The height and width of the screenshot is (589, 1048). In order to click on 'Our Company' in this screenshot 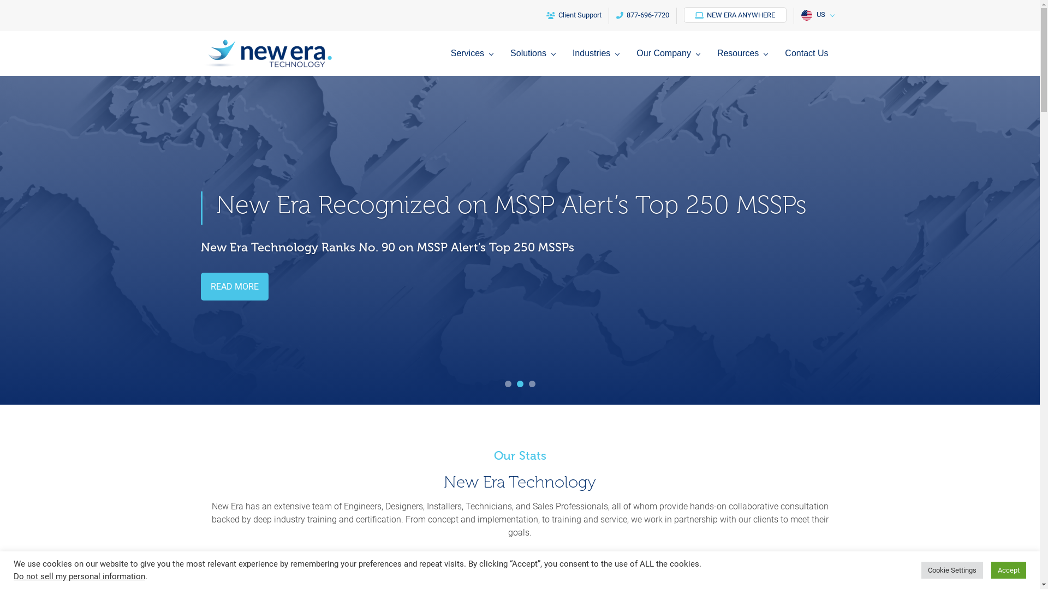, I will do `click(636, 62)`.